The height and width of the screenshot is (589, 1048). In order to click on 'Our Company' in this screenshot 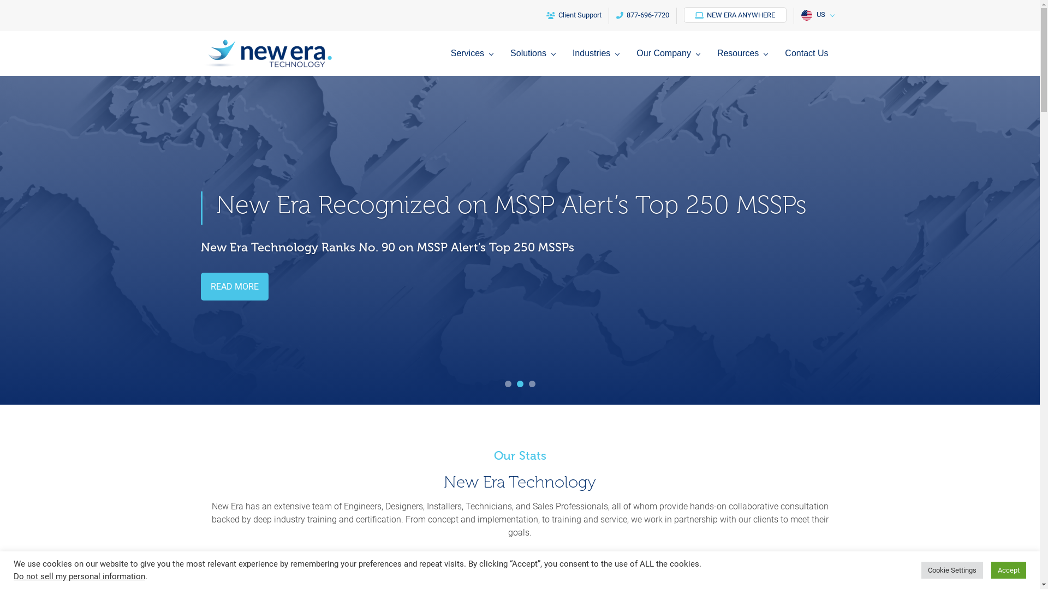, I will do `click(636, 62)`.